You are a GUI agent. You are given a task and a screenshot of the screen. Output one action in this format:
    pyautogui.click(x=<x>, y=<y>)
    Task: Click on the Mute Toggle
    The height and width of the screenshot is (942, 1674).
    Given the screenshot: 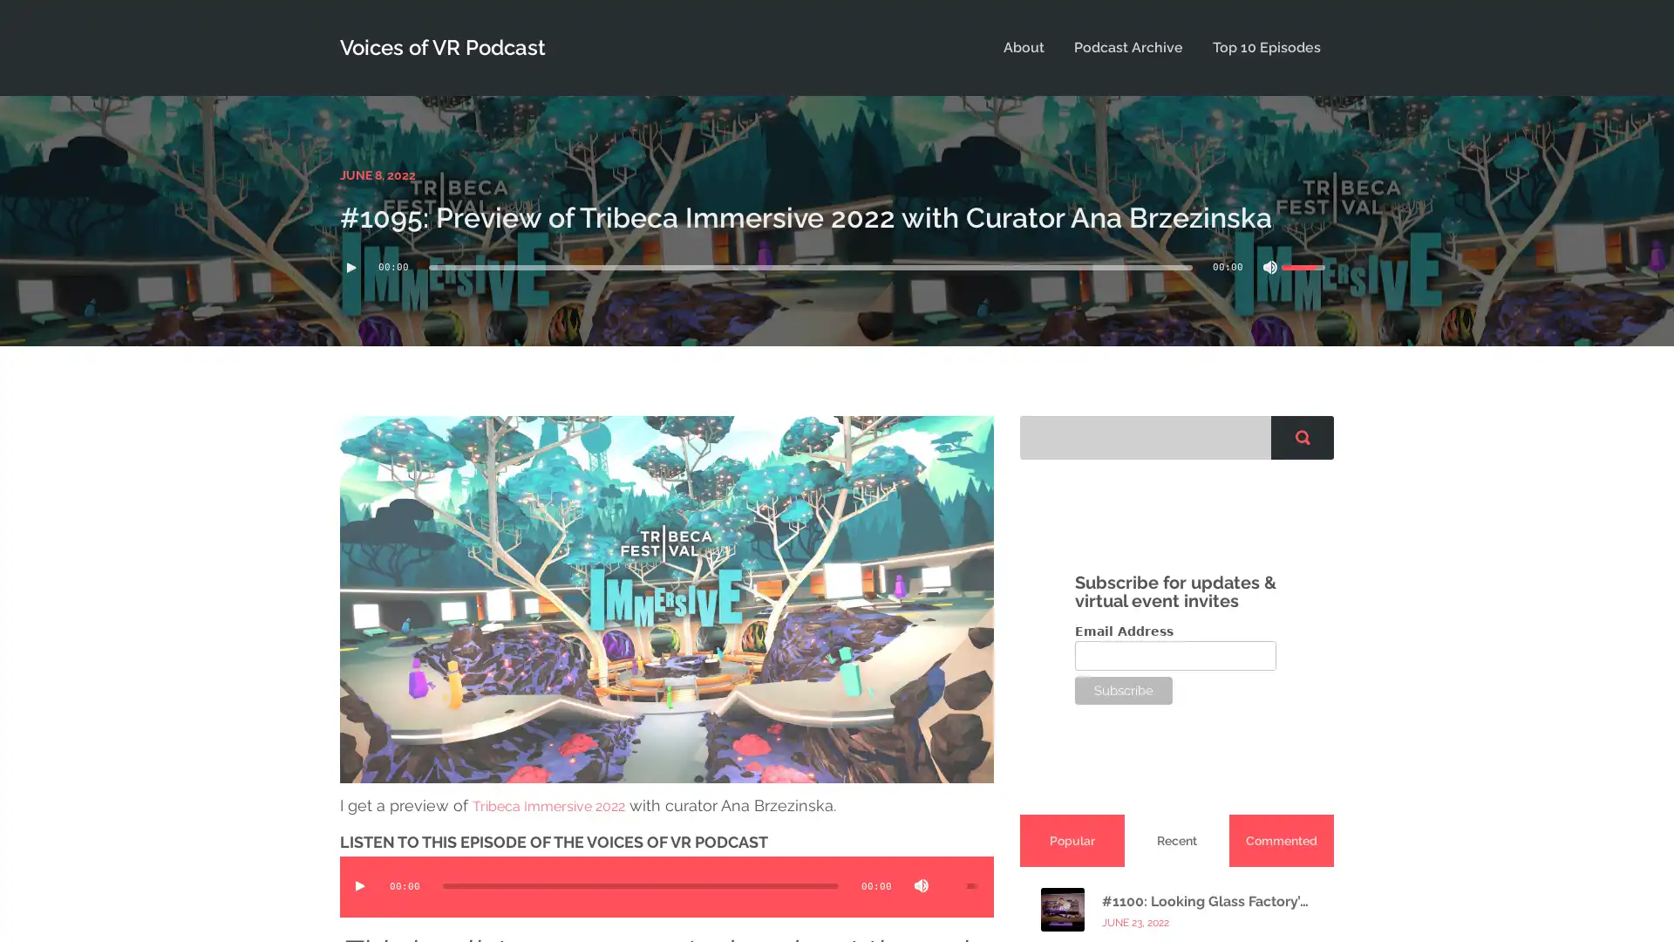 What is the action you would take?
    pyautogui.click(x=1270, y=266)
    